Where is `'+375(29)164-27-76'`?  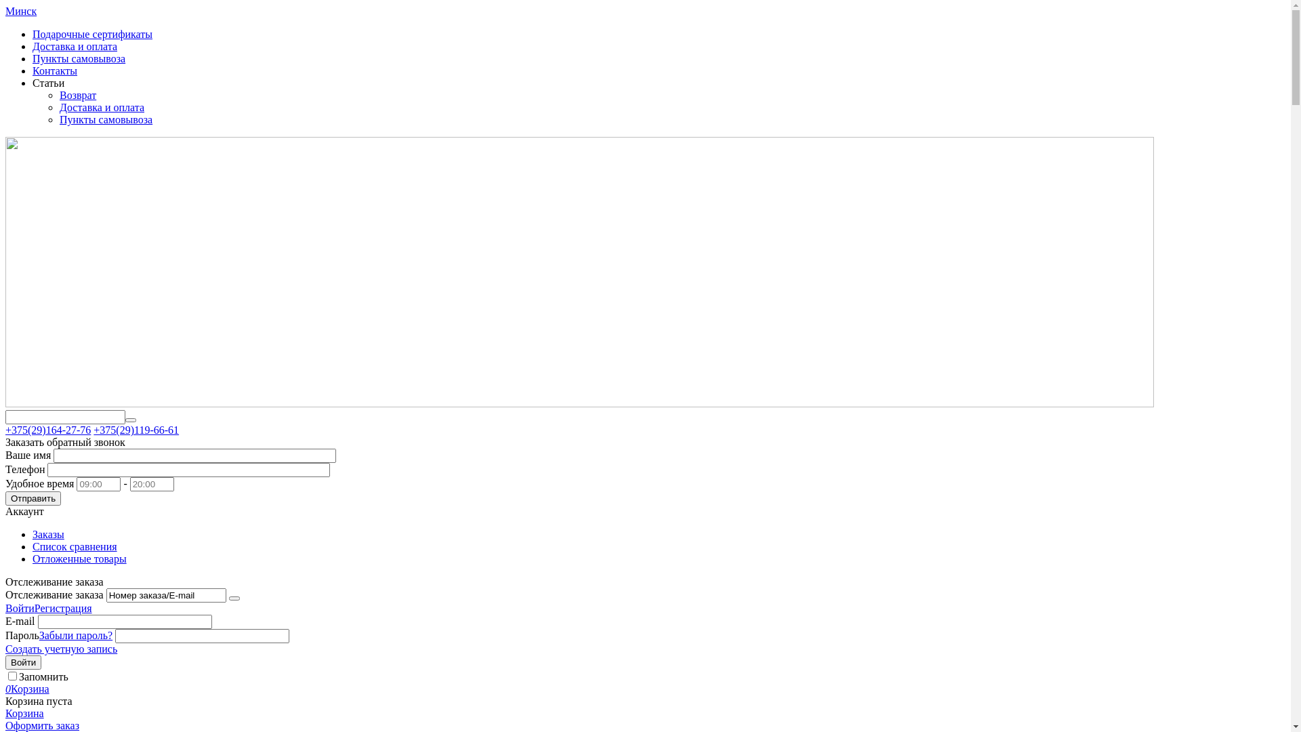
'+375(29)164-27-76' is located at coordinates (48, 430).